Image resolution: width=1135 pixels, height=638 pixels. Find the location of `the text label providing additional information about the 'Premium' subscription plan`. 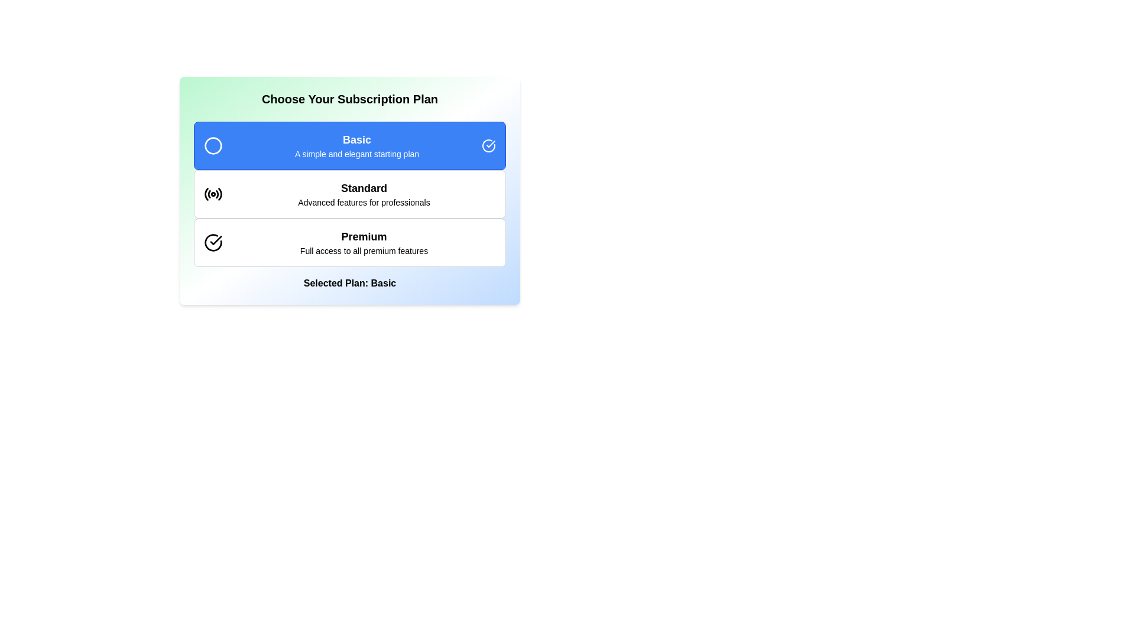

the text label providing additional information about the 'Premium' subscription plan is located at coordinates (363, 250).